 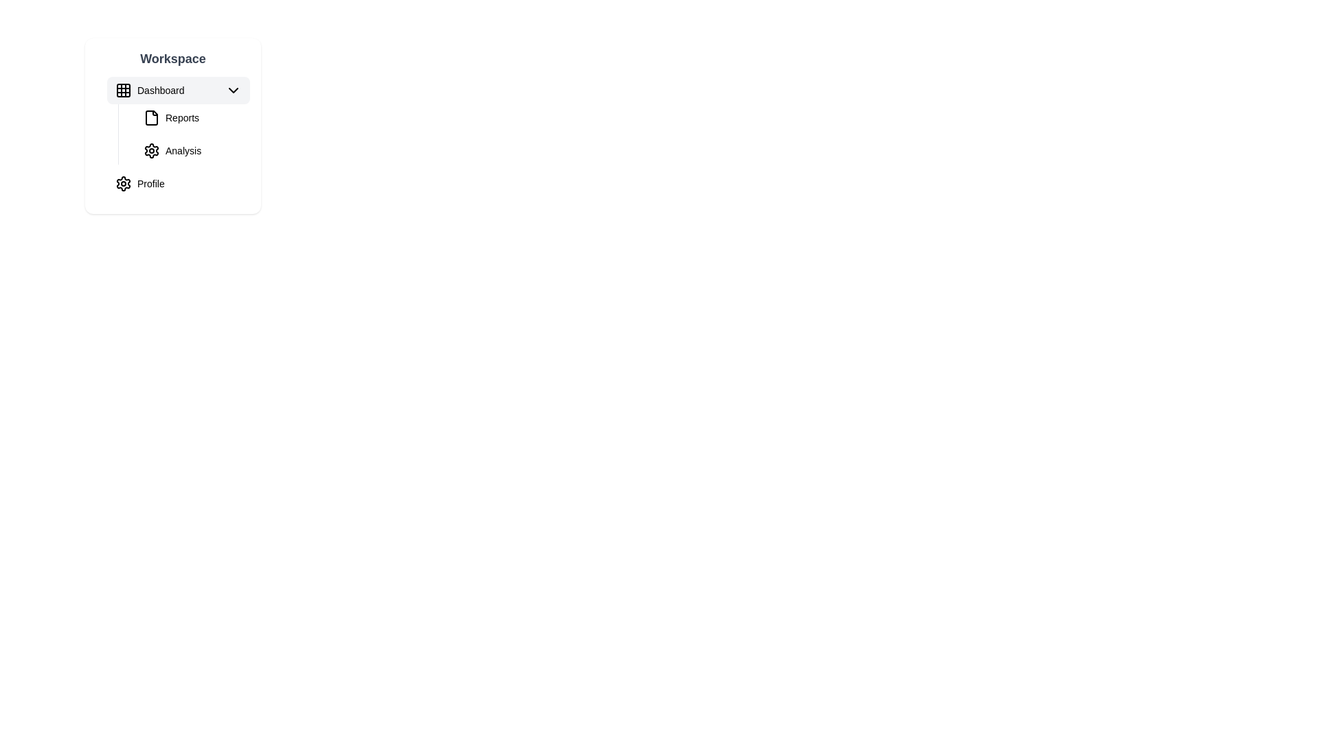 What do you see at coordinates (177, 90) in the screenshot?
I see `the 'Dashboard' button with combined icon and text located at the top of the 'Workspace' menu` at bounding box center [177, 90].